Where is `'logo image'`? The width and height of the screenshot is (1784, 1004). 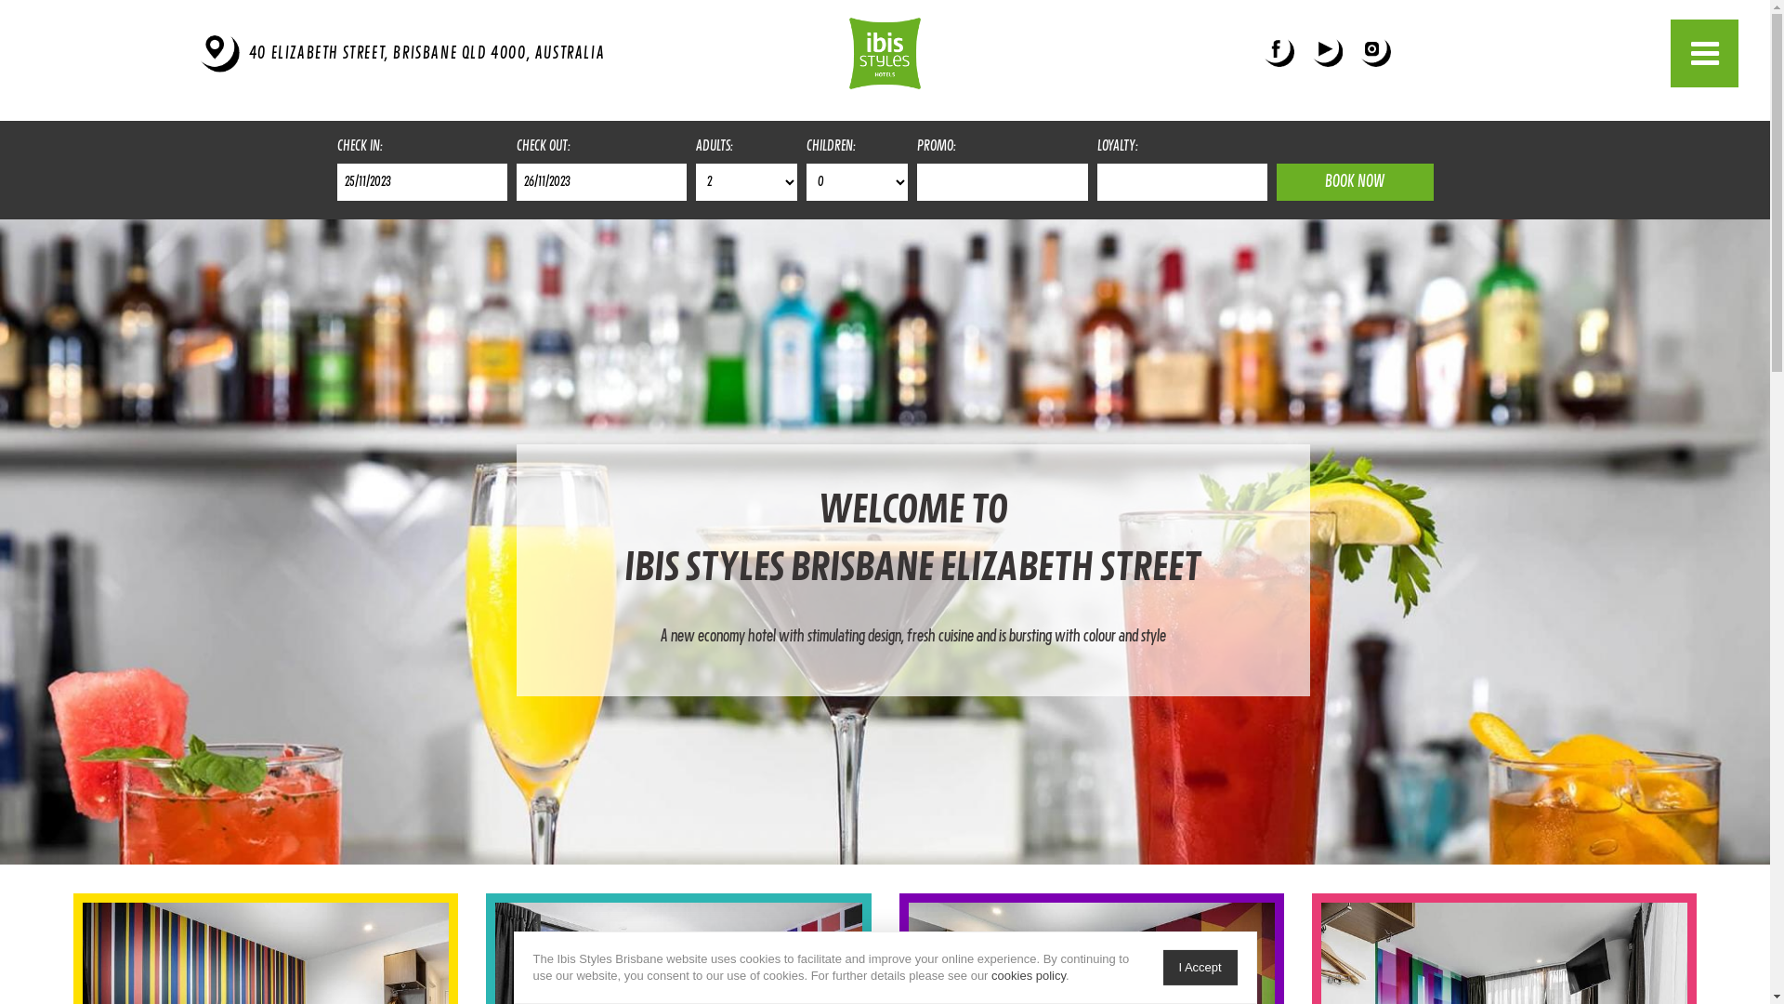 'logo image' is located at coordinates (884, 52).